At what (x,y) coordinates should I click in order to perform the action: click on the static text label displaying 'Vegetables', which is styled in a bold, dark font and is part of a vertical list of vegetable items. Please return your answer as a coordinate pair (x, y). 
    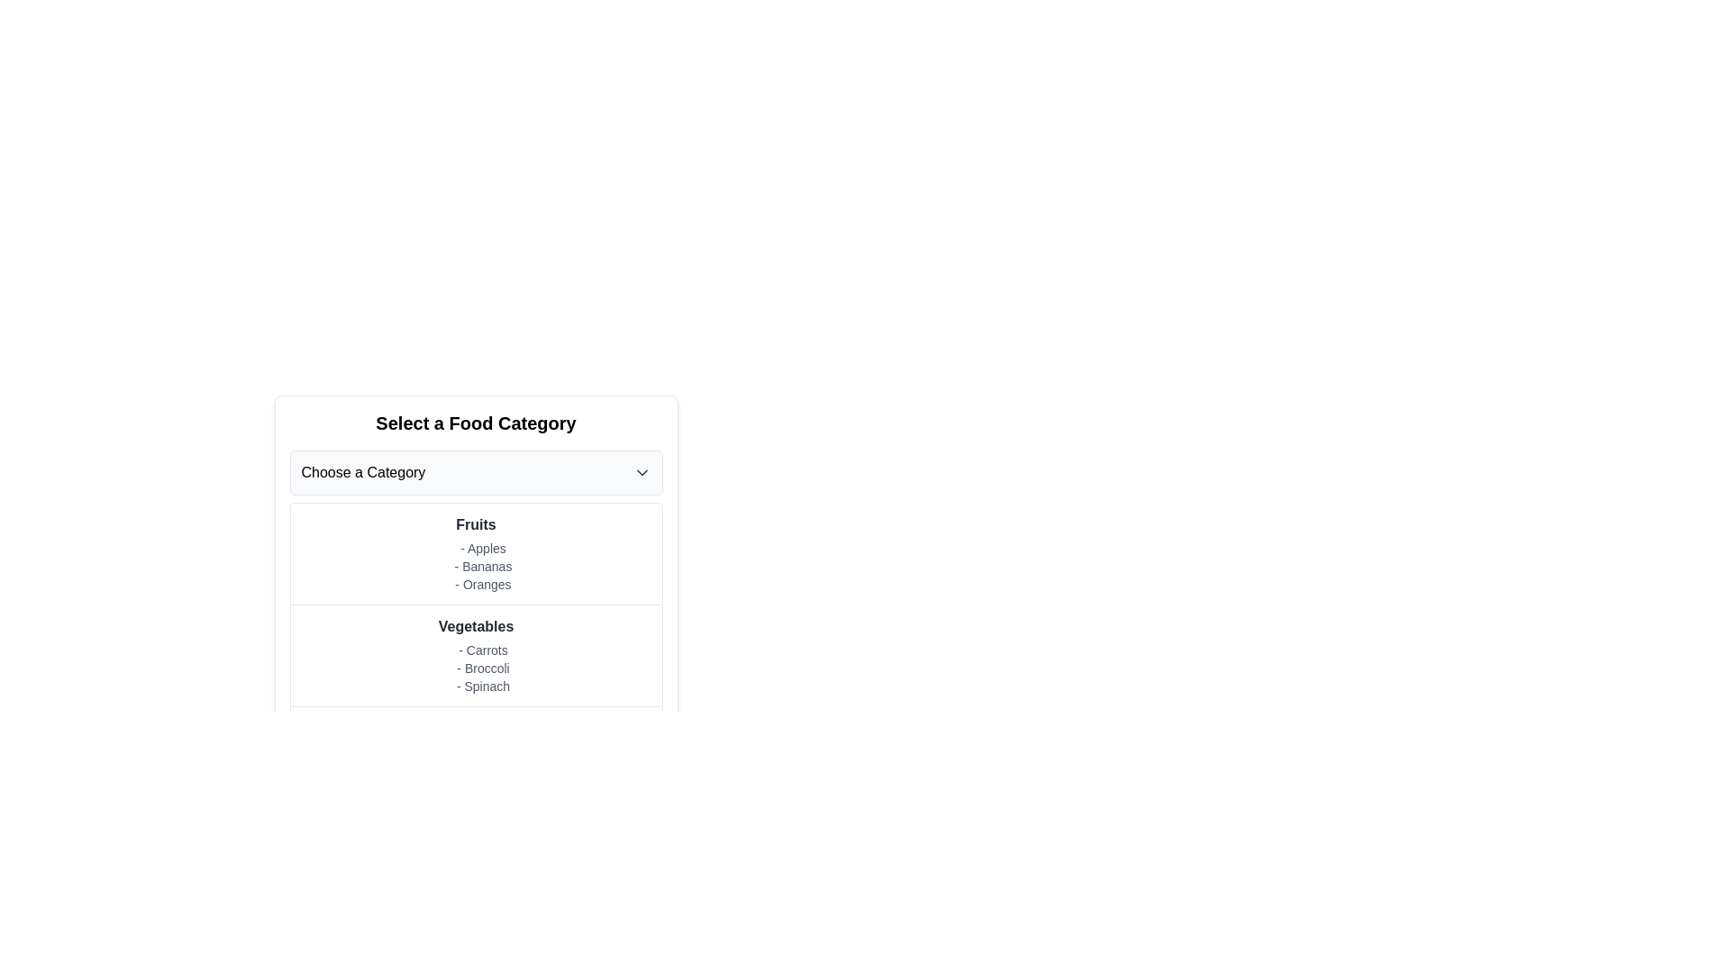
    Looking at the image, I should click on (476, 625).